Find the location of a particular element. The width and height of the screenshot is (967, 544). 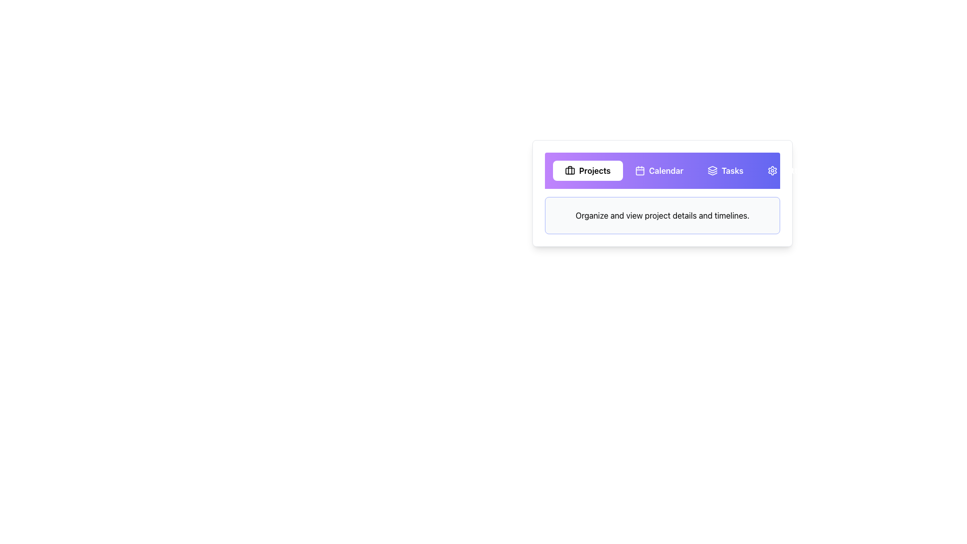

the Decorative SVG component located within the Projects button area of the briefcase icon, positioned slightly below the central vertical axis is located at coordinates (570, 170).